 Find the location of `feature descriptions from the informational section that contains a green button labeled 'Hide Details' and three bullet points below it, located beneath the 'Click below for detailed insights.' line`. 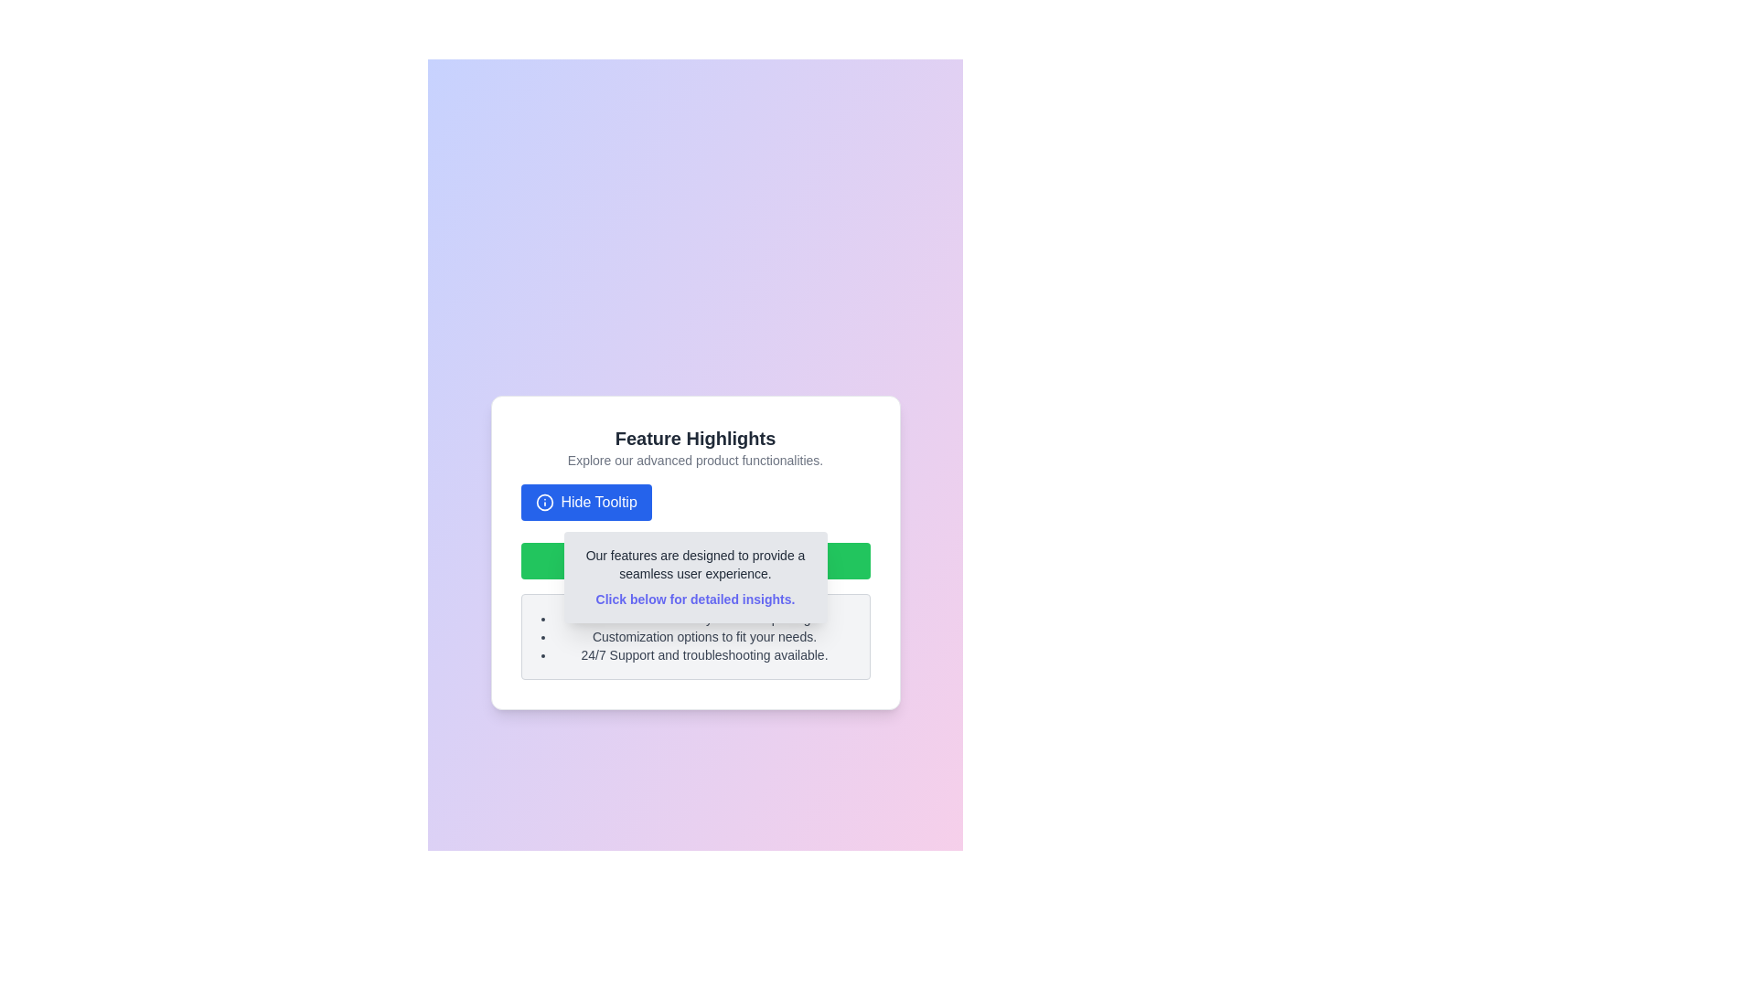

feature descriptions from the informational section that contains a green button labeled 'Hide Details' and three bullet points below it, located beneath the 'Click below for detailed insights.' line is located at coordinates (694, 610).